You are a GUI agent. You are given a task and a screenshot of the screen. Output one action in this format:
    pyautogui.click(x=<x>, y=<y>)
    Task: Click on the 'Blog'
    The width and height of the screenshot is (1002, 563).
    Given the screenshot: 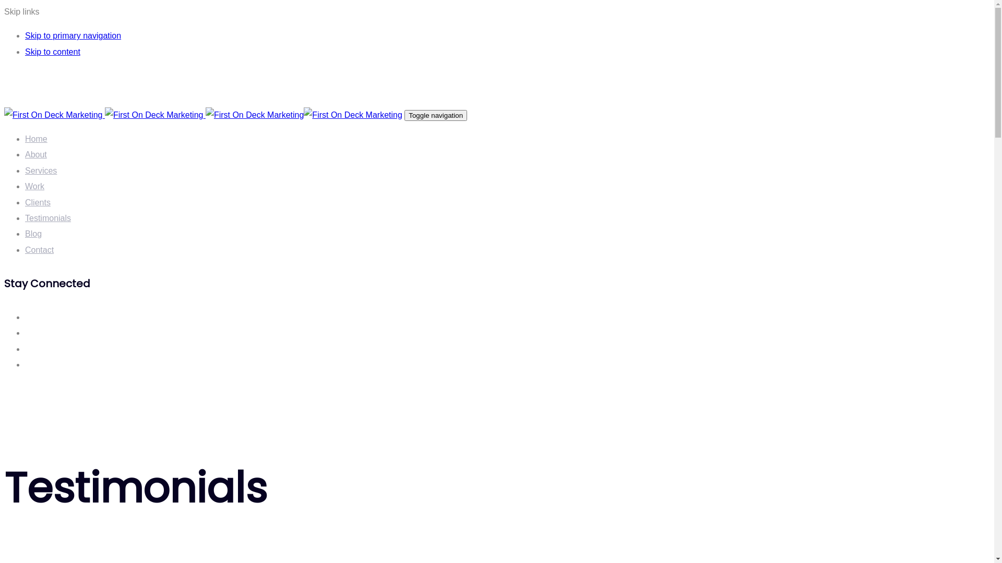 What is the action you would take?
    pyautogui.click(x=33, y=233)
    